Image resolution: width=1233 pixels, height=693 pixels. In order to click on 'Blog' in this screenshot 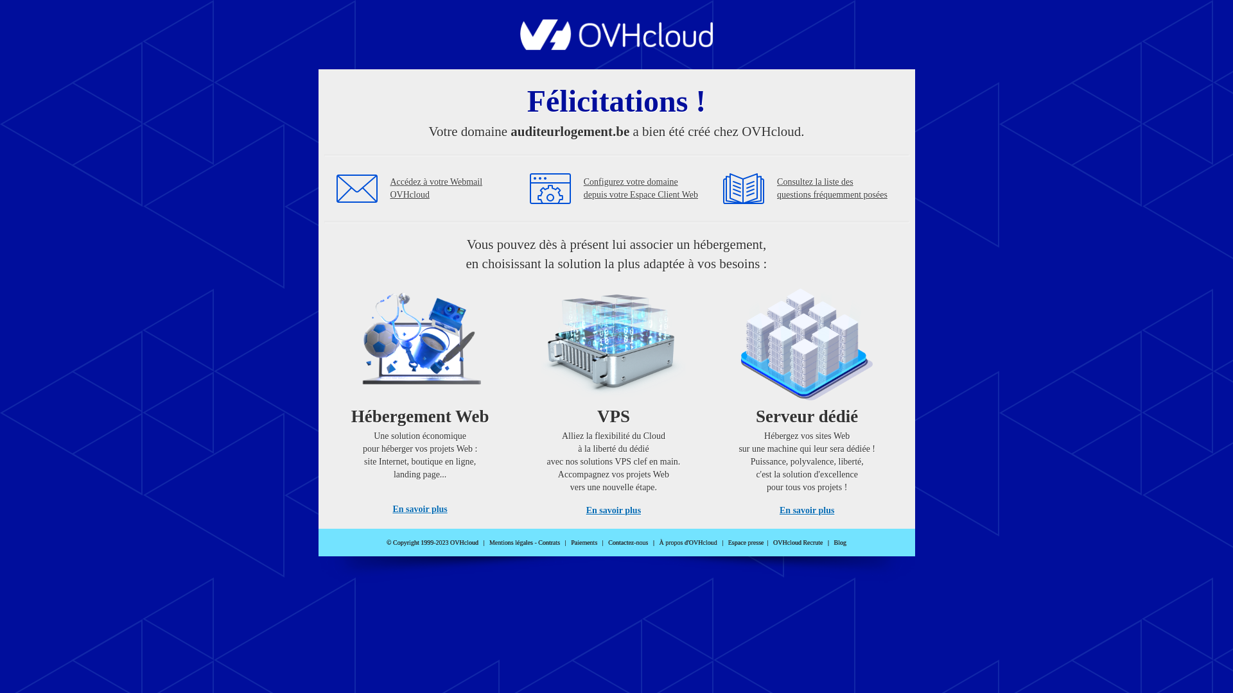, I will do `click(840, 542)`.